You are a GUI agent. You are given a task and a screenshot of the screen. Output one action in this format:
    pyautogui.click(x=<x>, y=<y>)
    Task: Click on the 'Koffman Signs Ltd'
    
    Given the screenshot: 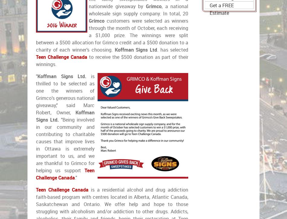 What is the action you would take?
    pyautogui.click(x=135, y=50)
    